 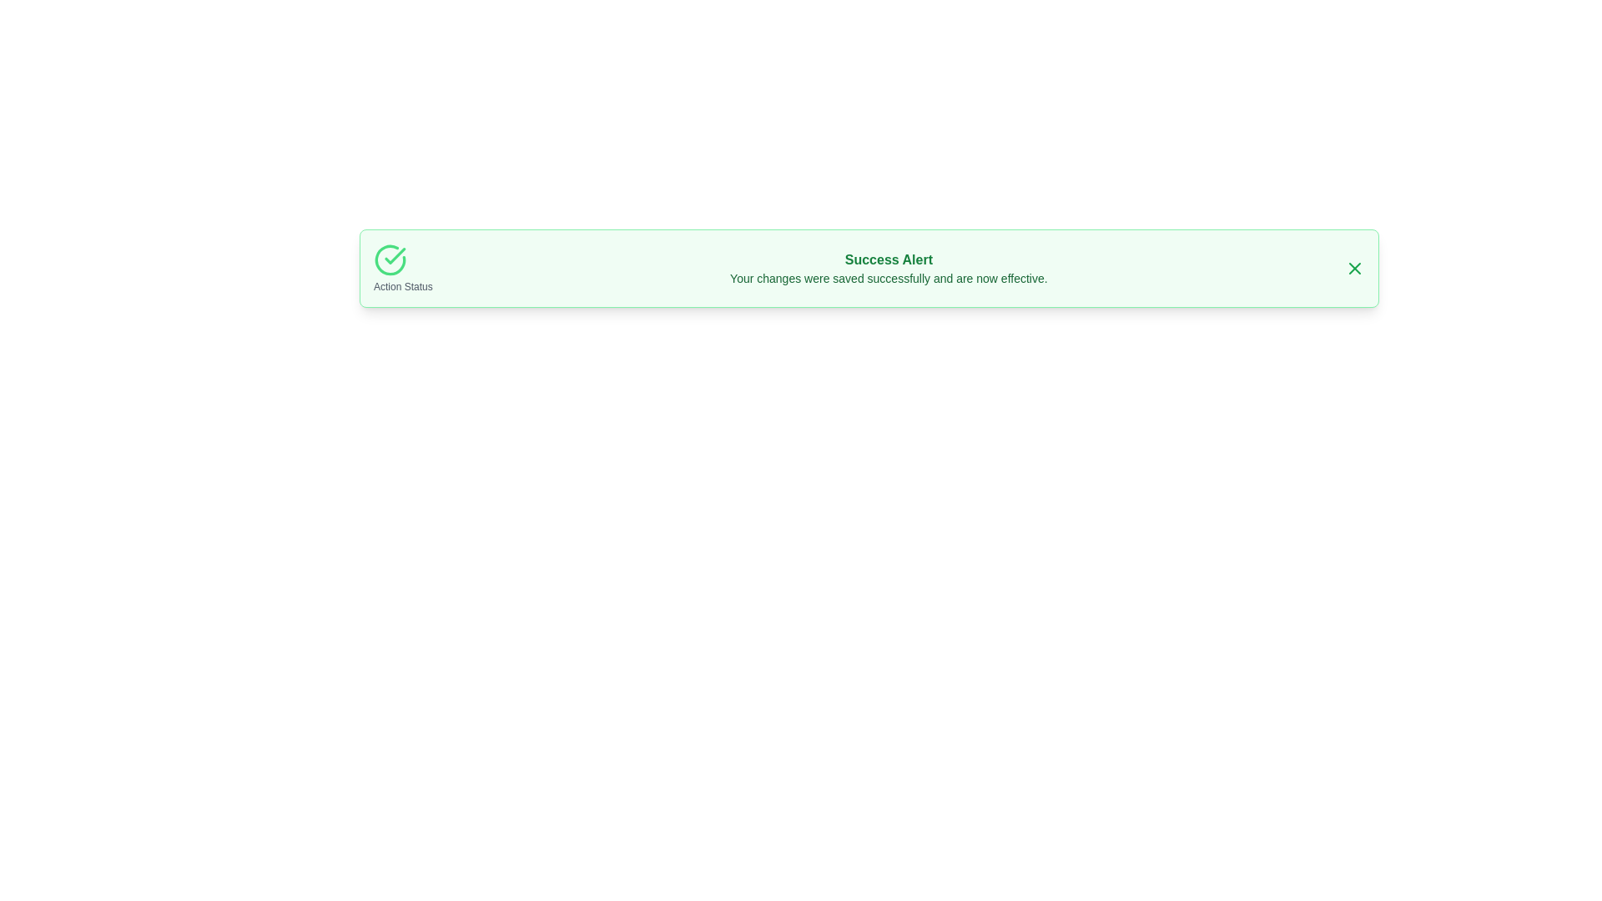 I want to click on close button to dismiss the notification, so click(x=1354, y=267).